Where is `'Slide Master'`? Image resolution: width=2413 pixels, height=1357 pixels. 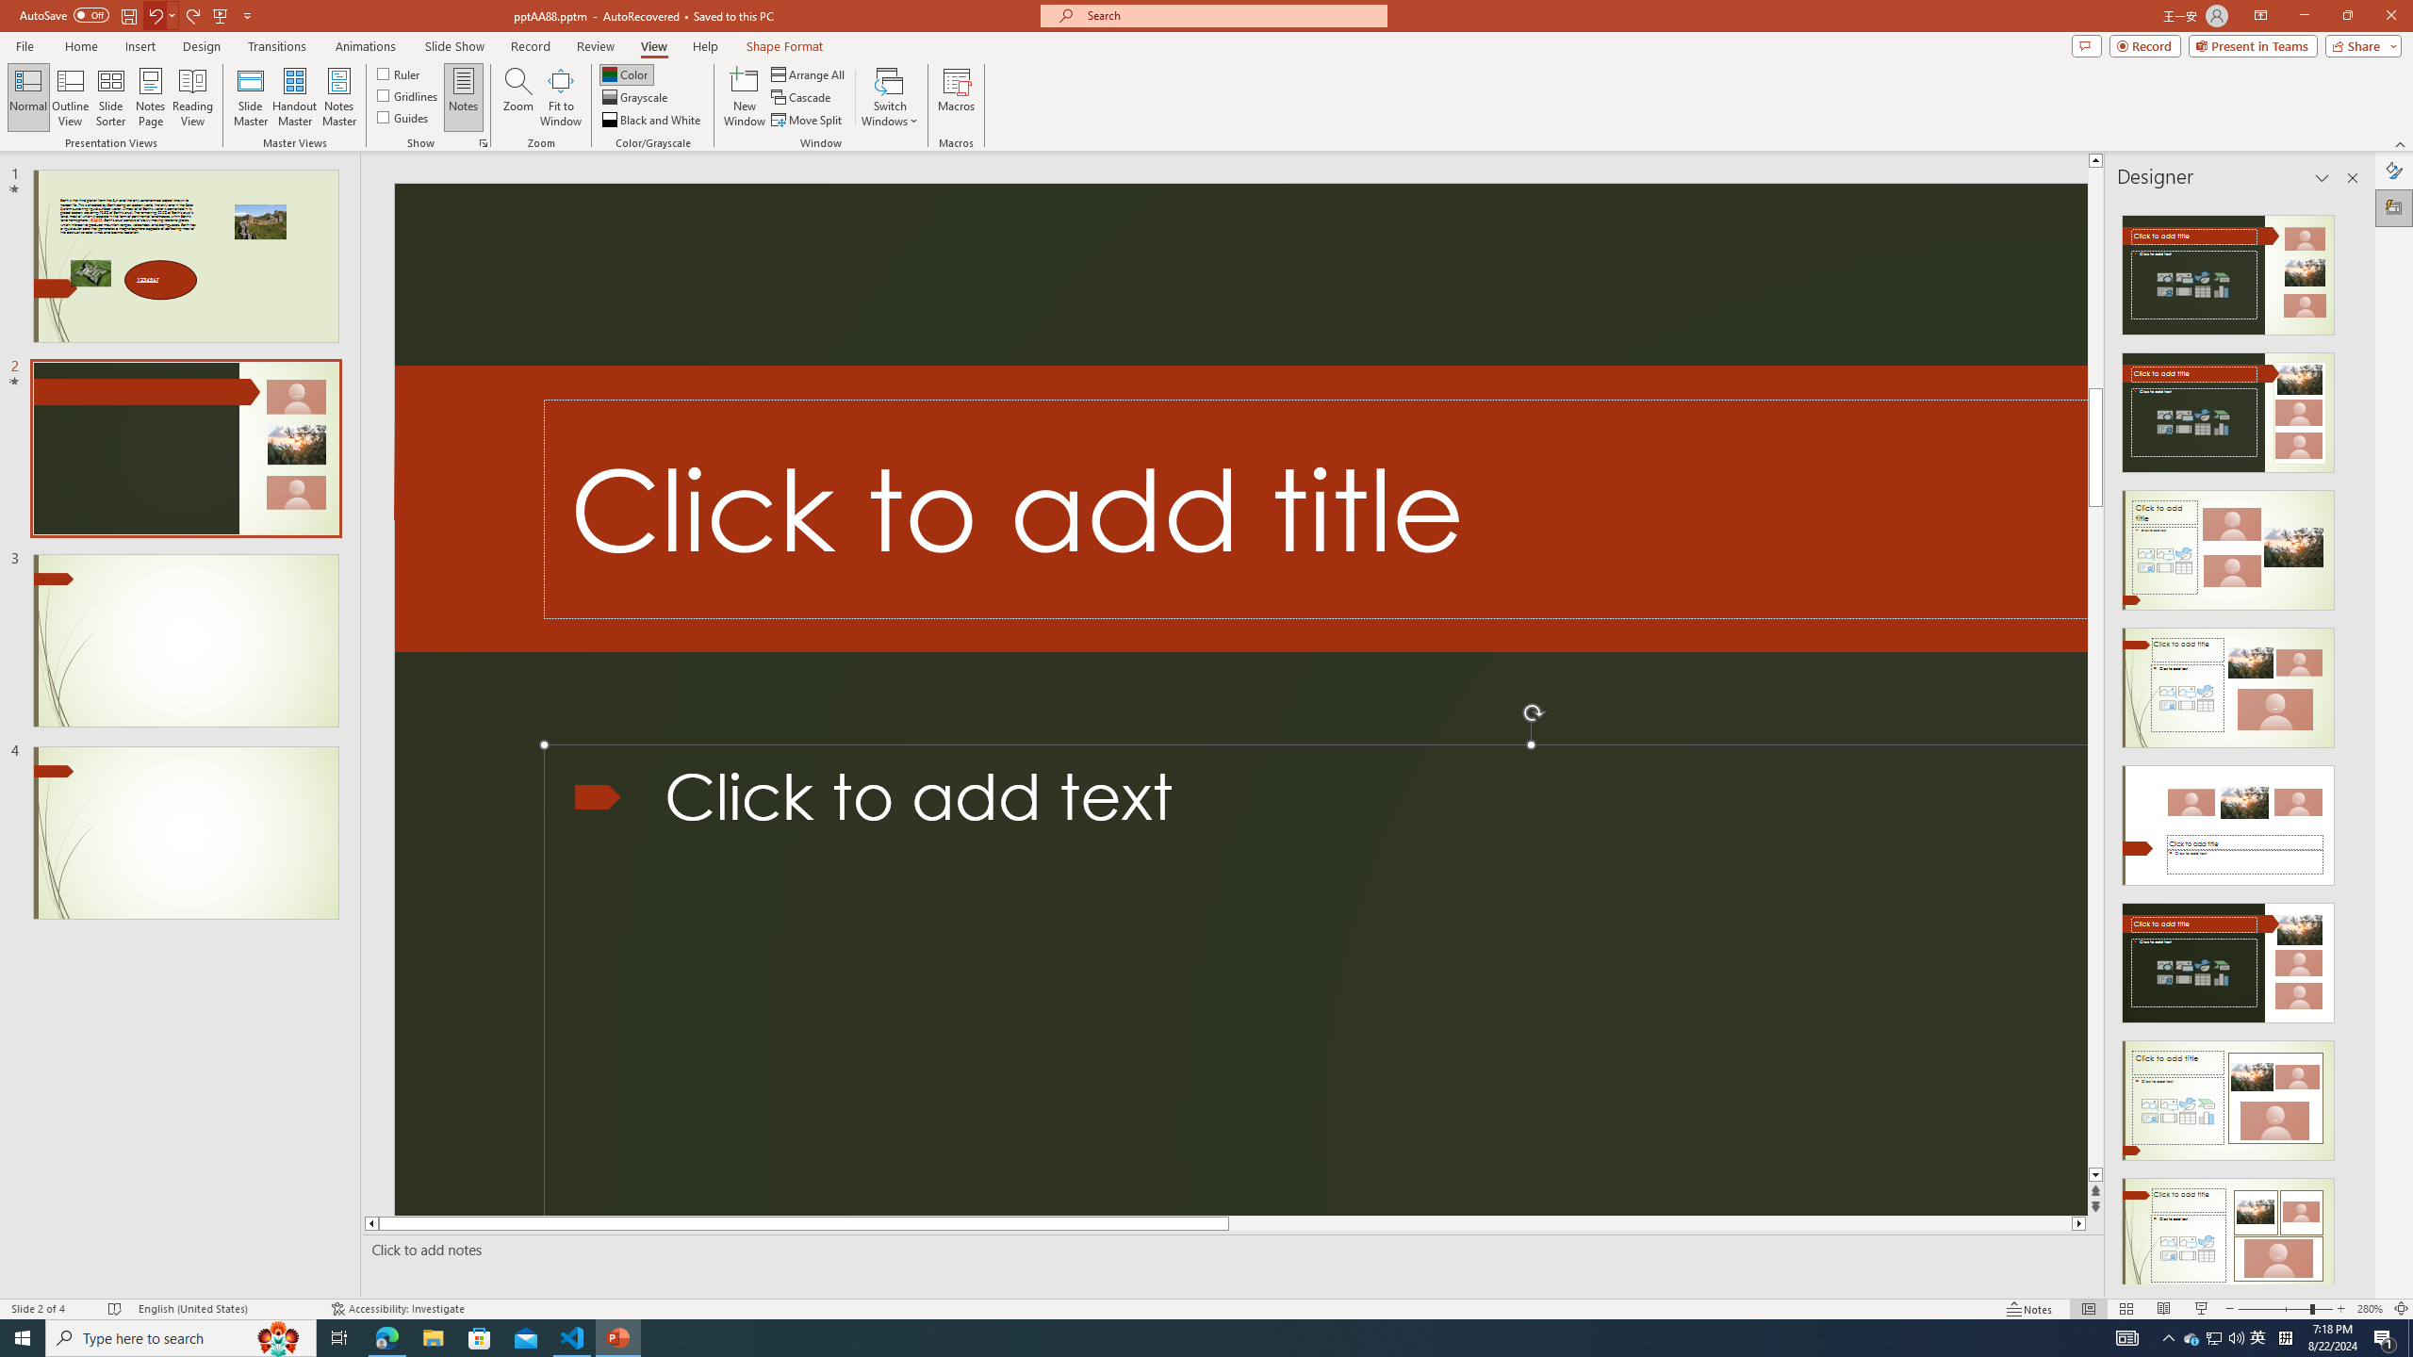
'Slide Master' is located at coordinates (250, 97).